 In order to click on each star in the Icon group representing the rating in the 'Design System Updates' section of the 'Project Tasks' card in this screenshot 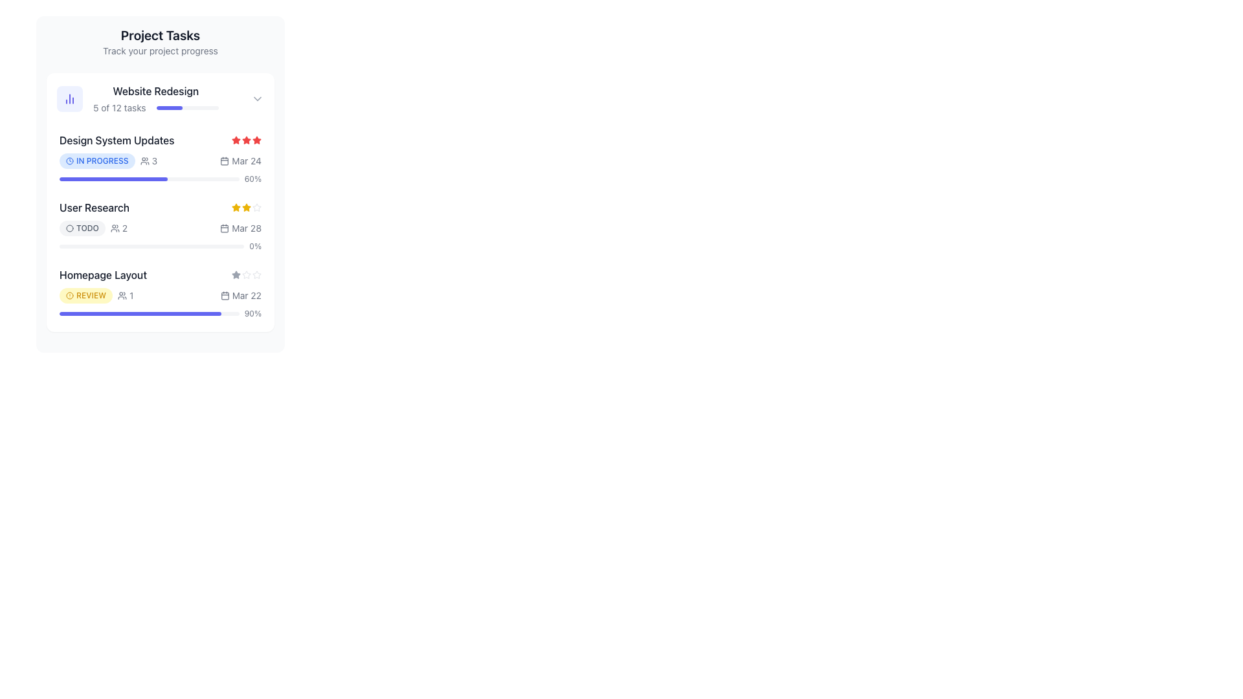, I will do `click(246, 140)`.